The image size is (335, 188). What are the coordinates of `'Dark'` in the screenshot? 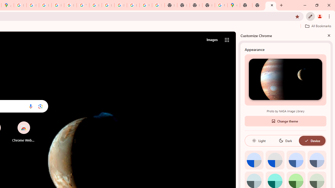 It's located at (285, 140).